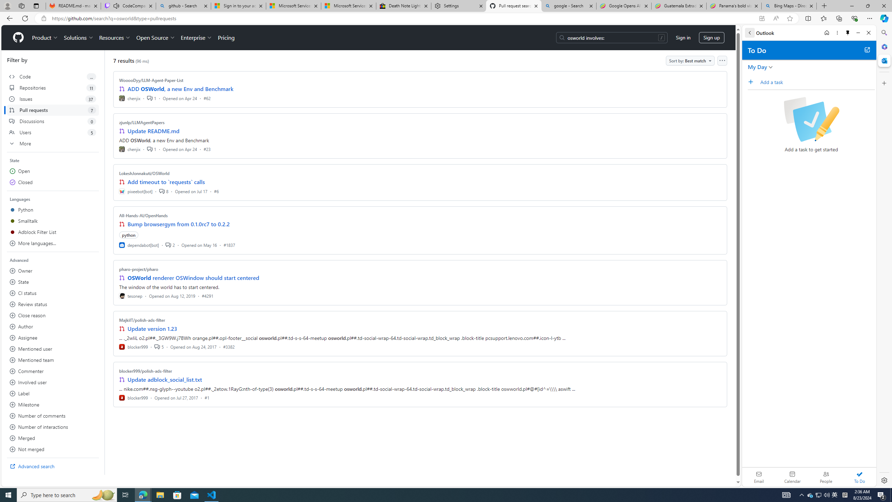 The image size is (892, 502). What do you see at coordinates (139, 268) in the screenshot?
I see `'pharo-project/pharo'` at bounding box center [139, 268].